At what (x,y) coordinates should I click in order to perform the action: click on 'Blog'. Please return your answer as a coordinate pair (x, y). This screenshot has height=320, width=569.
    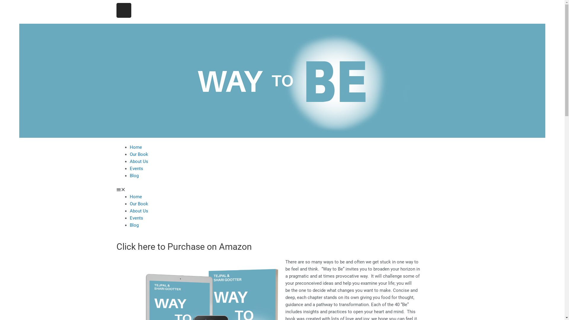
    Looking at the image, I should click on (134, 175).